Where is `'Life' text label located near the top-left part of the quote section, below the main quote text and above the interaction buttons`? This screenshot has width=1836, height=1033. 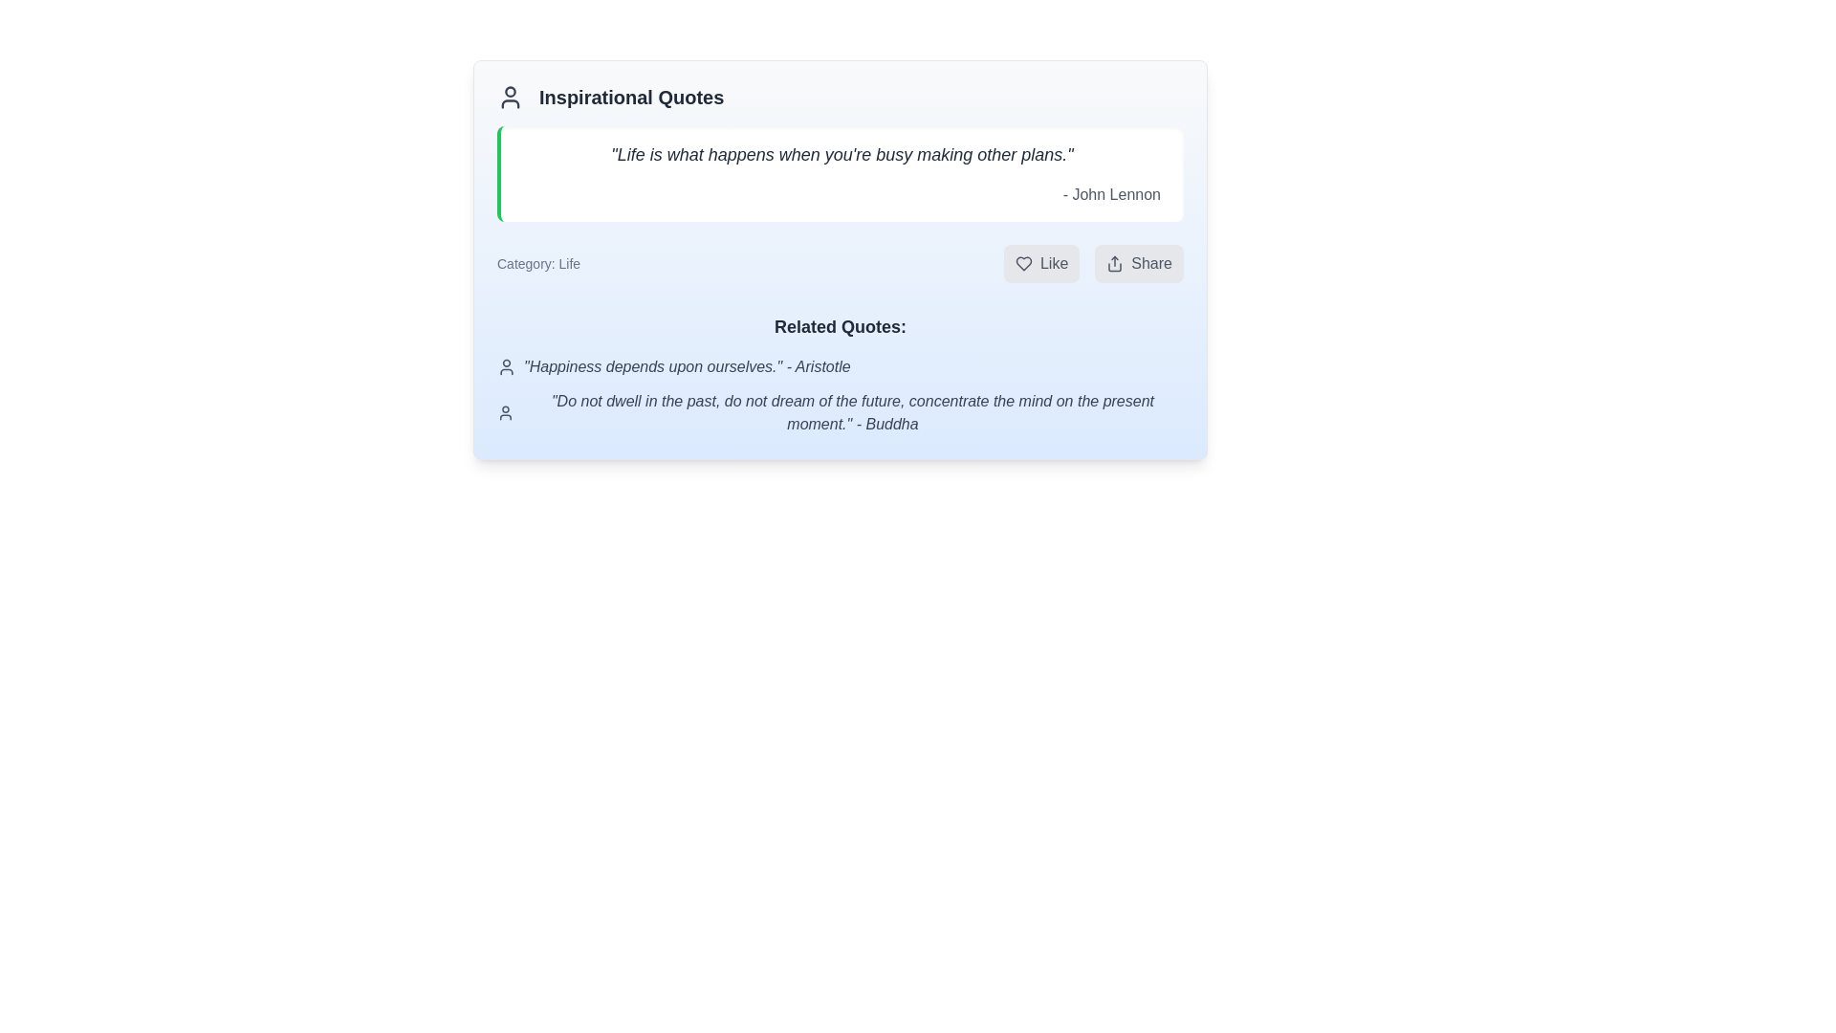 'Life' text label located near the top-left part of the quote section, below the main quote text and above the interaction buttons is located at coordinates (537, 264).